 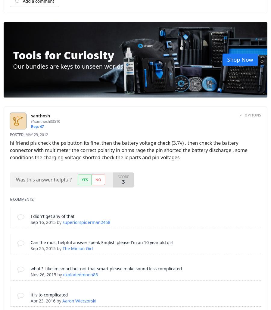 What do you see at coordinates (52, 216) in the screenshot?
I see `'I didn't get any of that'` at bounding box center [52, 216].